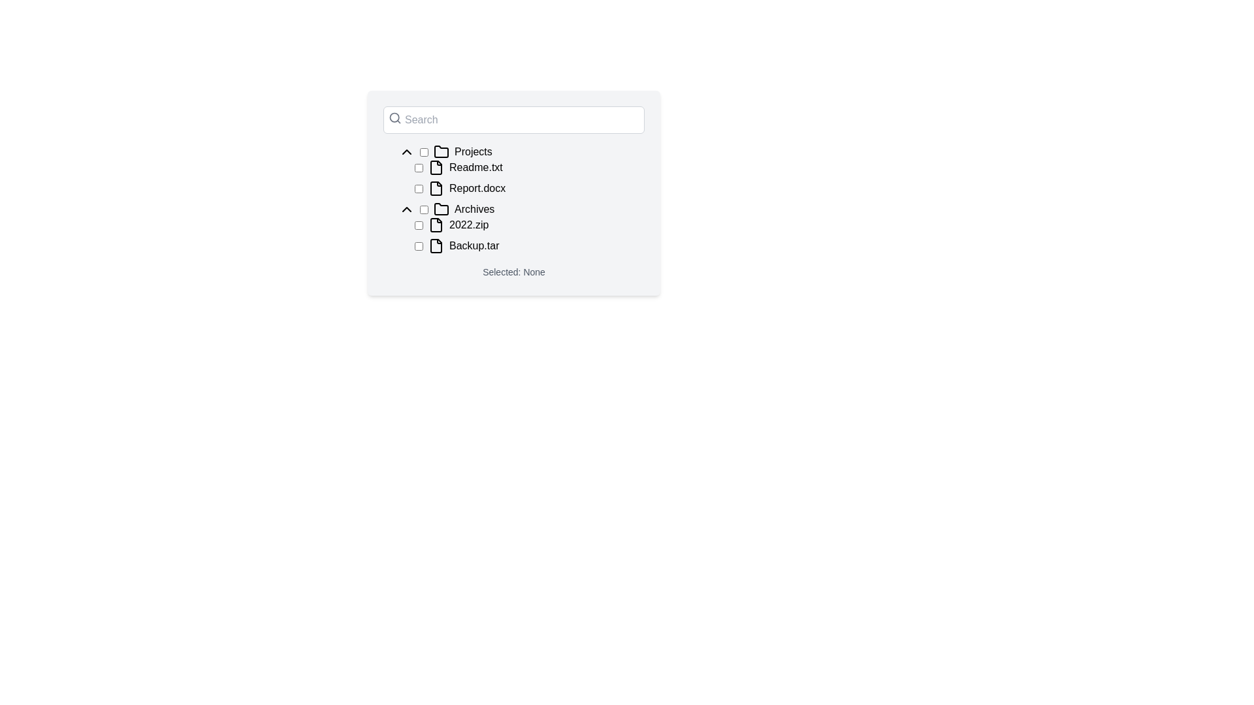  I want to click on the text label for the file named '2022.zip', which is the first file listed under the expanded 'Archives' folder, so click(469, 224).